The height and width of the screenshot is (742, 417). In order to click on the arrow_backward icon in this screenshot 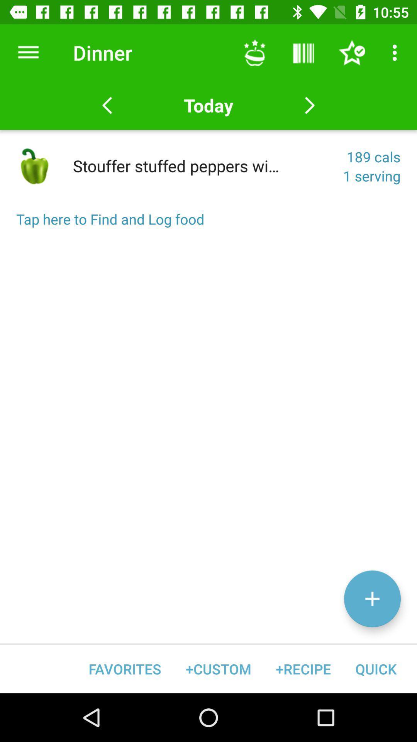, I will do `click(107, 105)`.